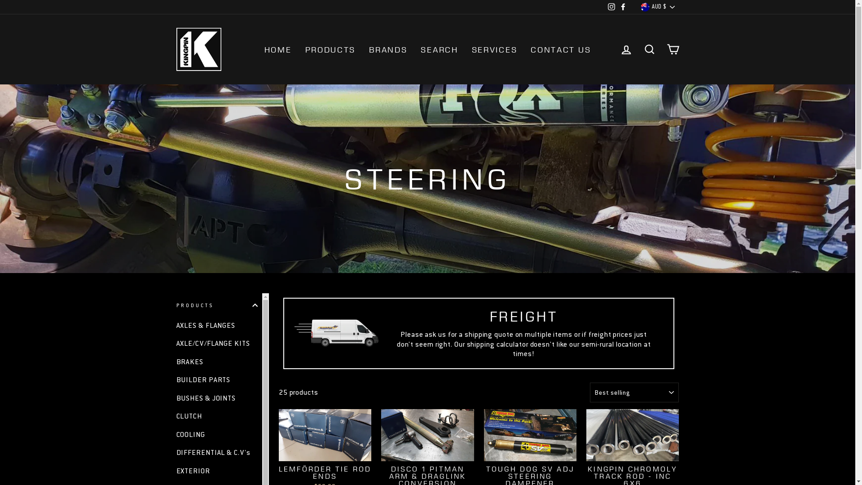  What do you see at coordinates (637, 7) in the screenshot?
I see `'AUD $'` at bounding box center [637, 7].